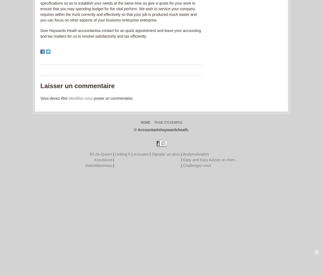  Describe the element at coordinates (54, 98) in the screenshot. I see `'Vous devez être'` at that location.